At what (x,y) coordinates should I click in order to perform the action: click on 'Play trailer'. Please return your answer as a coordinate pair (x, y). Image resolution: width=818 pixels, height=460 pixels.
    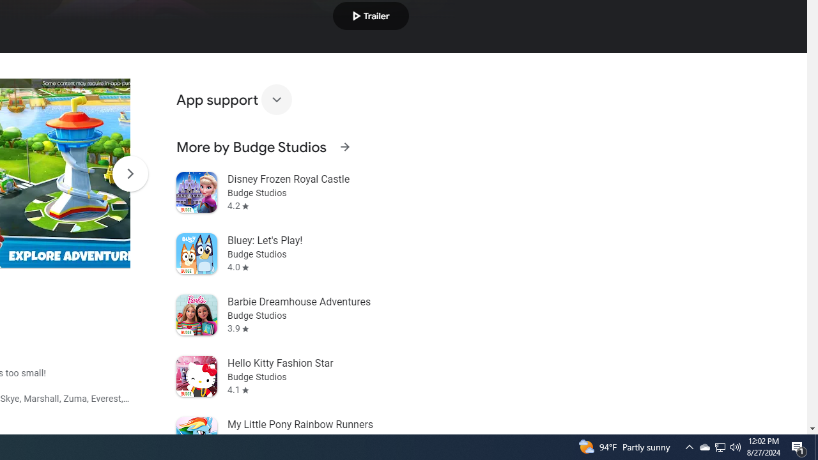
    Looking at the image, I should click on (370, 15).